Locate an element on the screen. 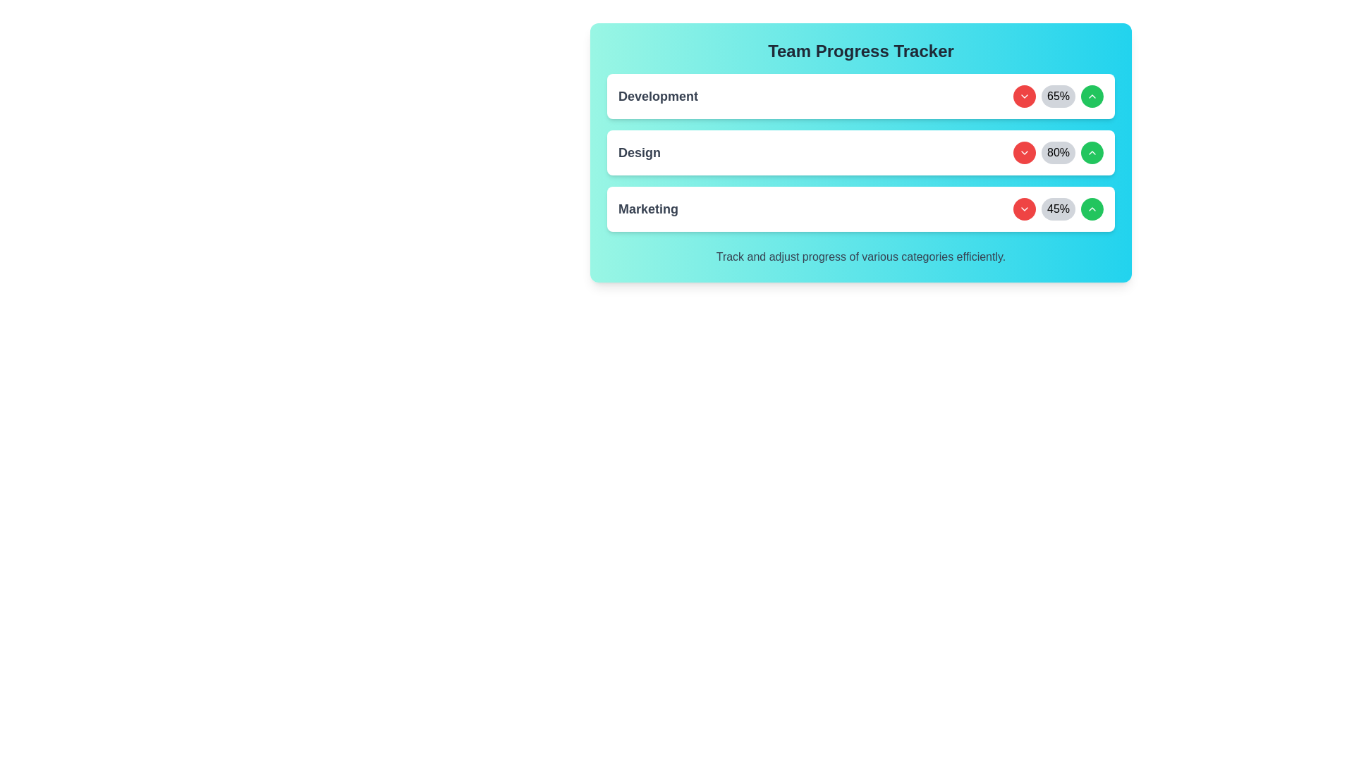 The width and height of the screenshot is (1354, 761). the small circular red button with a white downward arrow, which is part of the progress tracking for the 'Development' category, to decrease the progress is located at coordinates (1025, 96).